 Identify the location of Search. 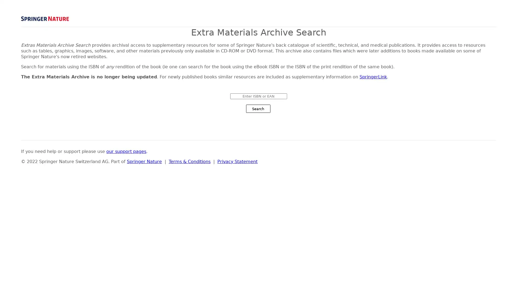
(258, 108).